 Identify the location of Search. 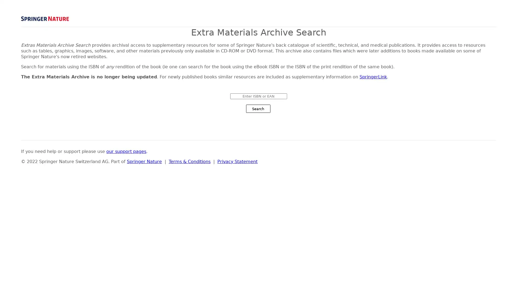
(258, 108).